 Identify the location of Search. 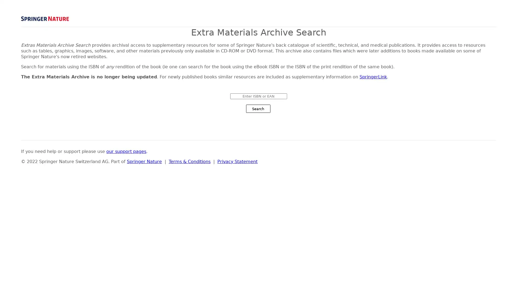
(258, 108).